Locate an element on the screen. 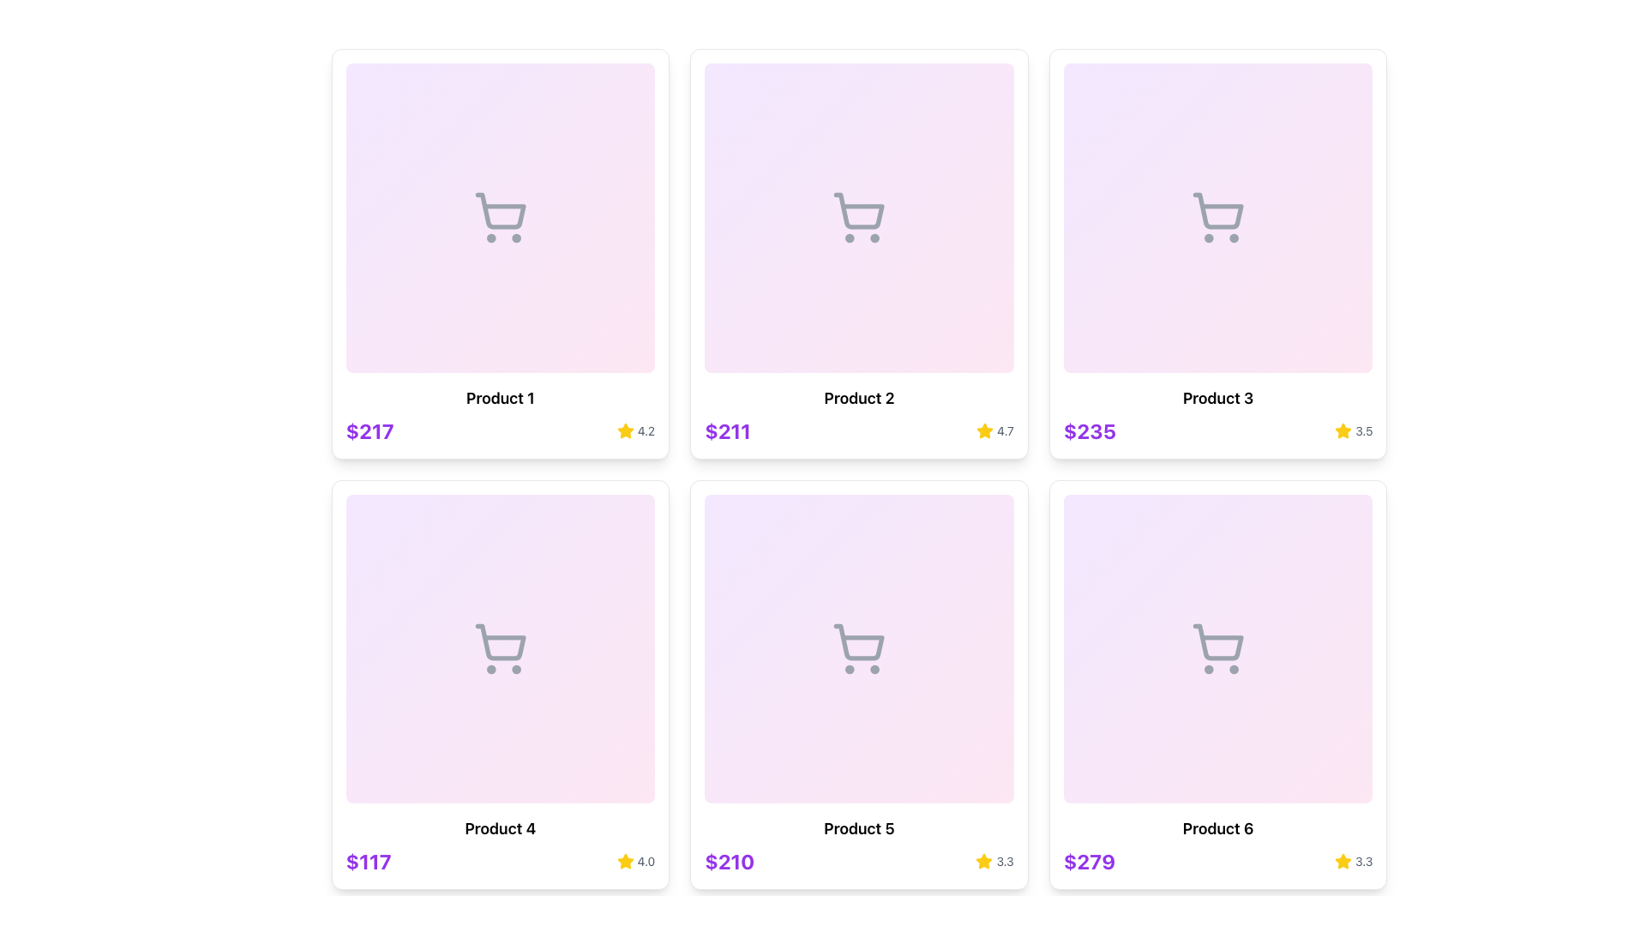  the Product Card located in the second row and second column of the product grid, which displays the product's name, price, and rating is located at coordinates (859, 683).